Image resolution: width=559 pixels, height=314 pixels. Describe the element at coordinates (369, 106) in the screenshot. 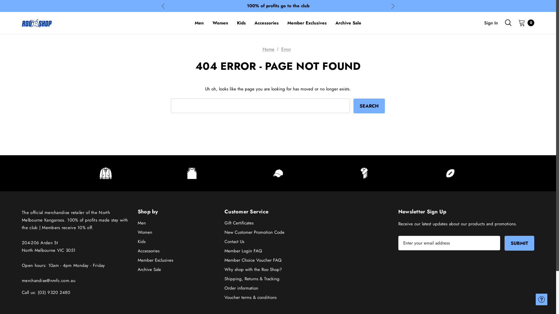

I see `'Search'` at that location.